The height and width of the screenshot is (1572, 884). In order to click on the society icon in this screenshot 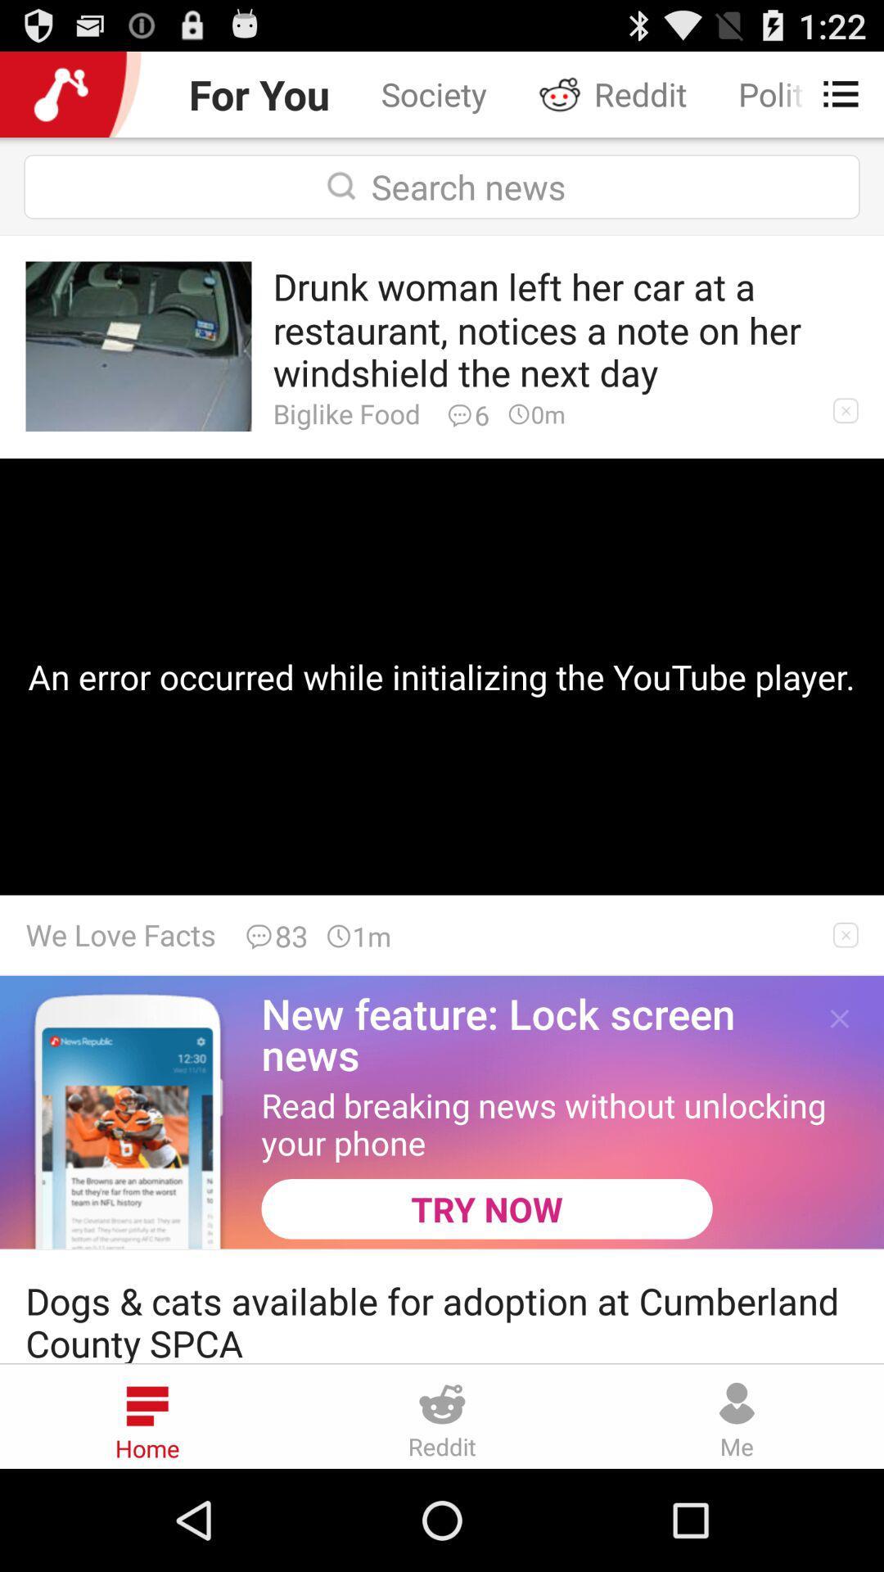, I will do `click(433, 93)`.